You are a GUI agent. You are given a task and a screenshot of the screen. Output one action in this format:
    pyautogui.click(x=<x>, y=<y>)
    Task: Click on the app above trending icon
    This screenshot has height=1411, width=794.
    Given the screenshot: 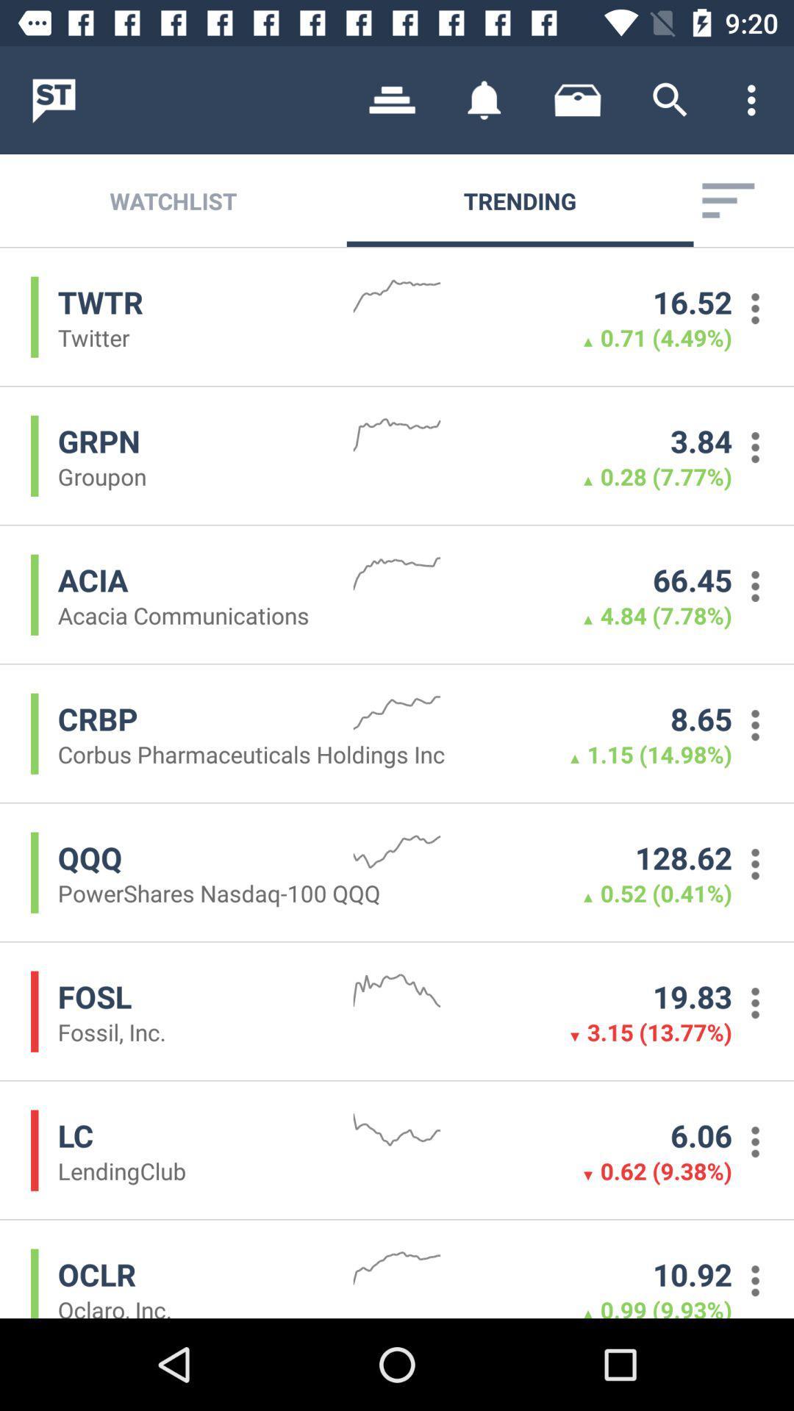 What is the action you would take?
    pyautogui.click(x=670, y=99)
    